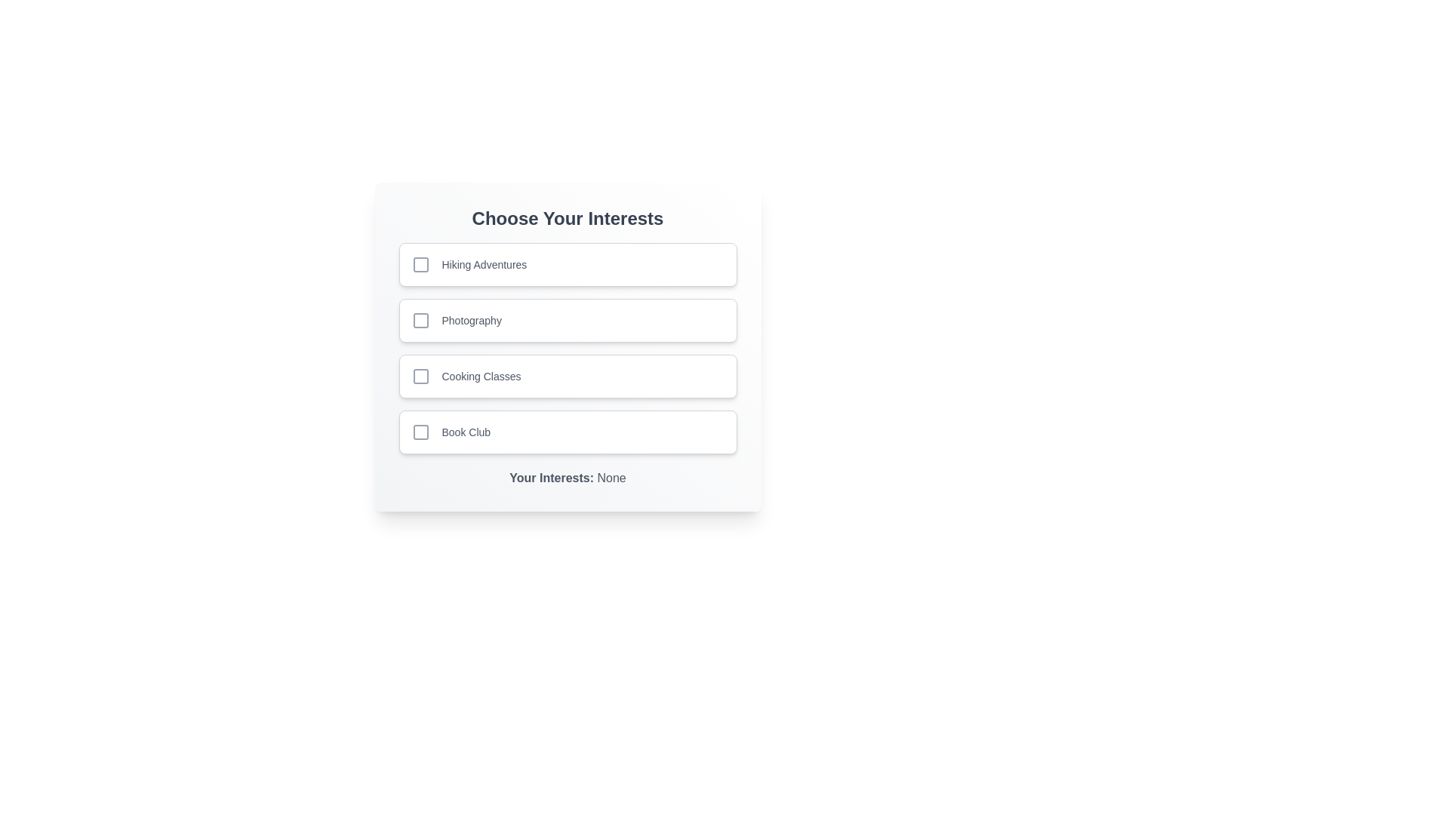 The width and height of the screenshot is (1449, 815). I want to click on the text label that describes the purpose of the associated list item for 'Cooking Classes', which is located between 'Photography' and 'Book Club', so click(481, 375).